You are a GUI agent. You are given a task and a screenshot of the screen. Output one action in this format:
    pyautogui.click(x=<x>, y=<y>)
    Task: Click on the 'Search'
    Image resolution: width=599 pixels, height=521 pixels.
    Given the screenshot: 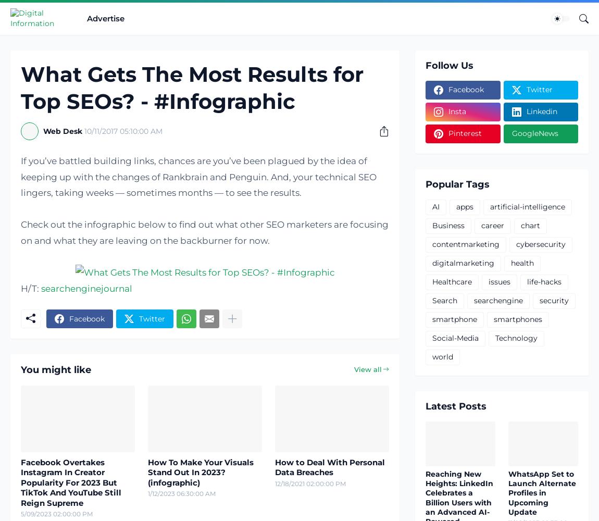 What is the action you would take?
    pyautogui.click(x=444, y=300)
    